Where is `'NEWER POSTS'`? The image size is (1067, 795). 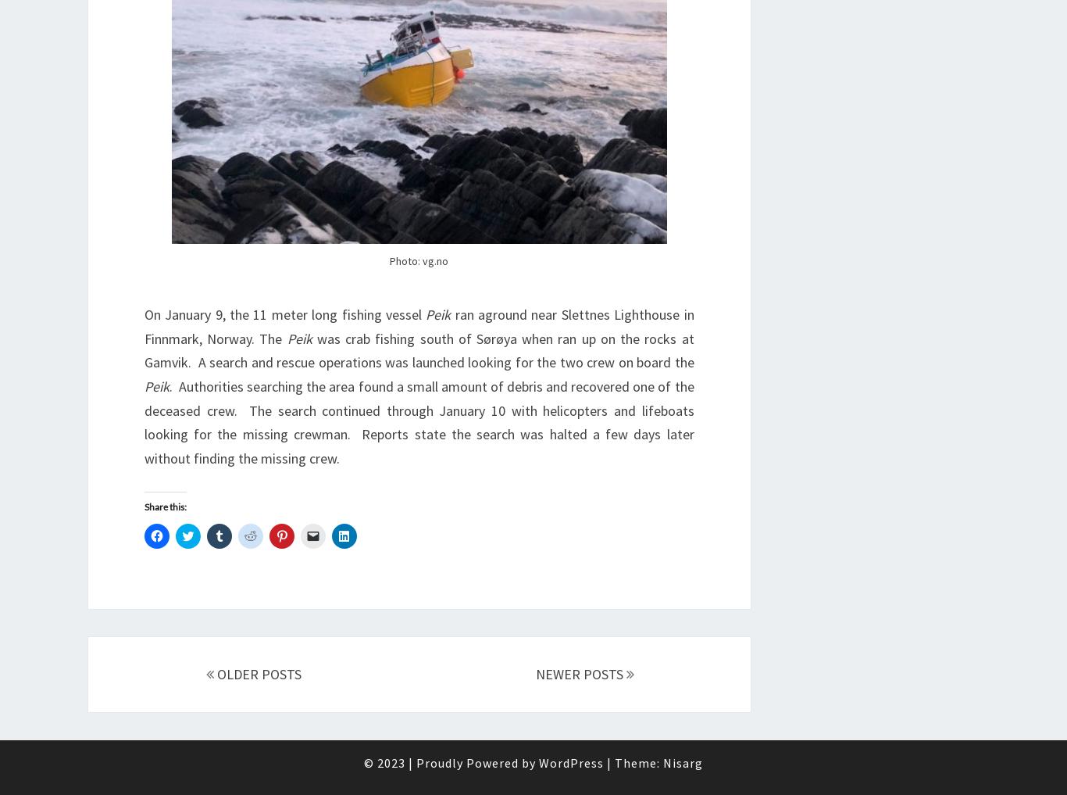
'NEWER POSTS' is located at coordinates (580, 673).